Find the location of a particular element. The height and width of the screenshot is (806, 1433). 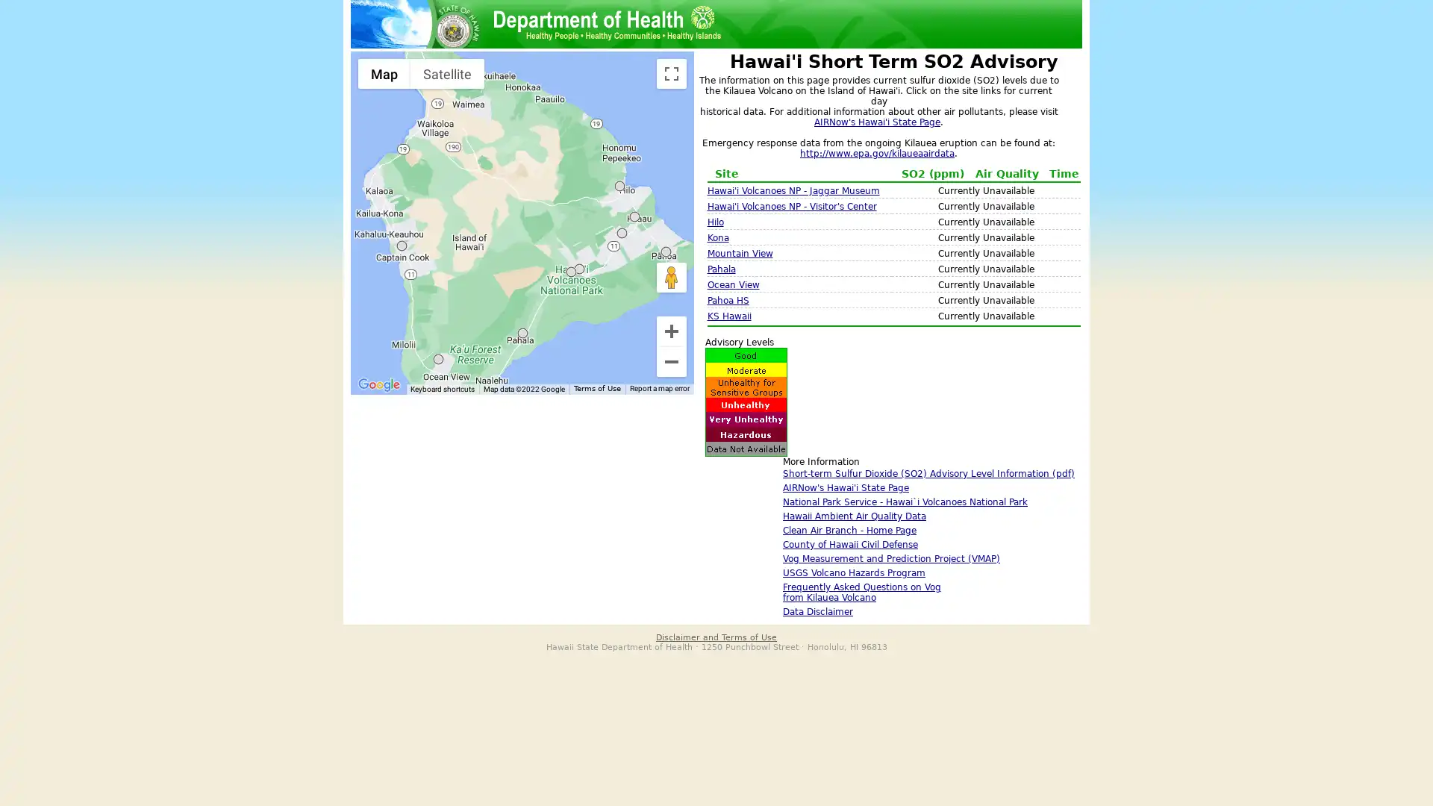

Hawaii Volcanoes NP - Visitor's Center: No Data is located at coordinates (578, 269).